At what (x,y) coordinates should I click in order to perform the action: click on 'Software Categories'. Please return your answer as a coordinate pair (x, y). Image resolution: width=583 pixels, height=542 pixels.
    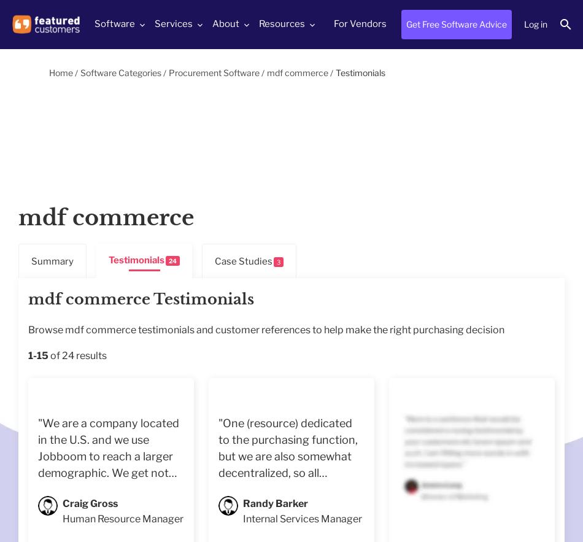
    Looking at the image, I should click on (121, 72).